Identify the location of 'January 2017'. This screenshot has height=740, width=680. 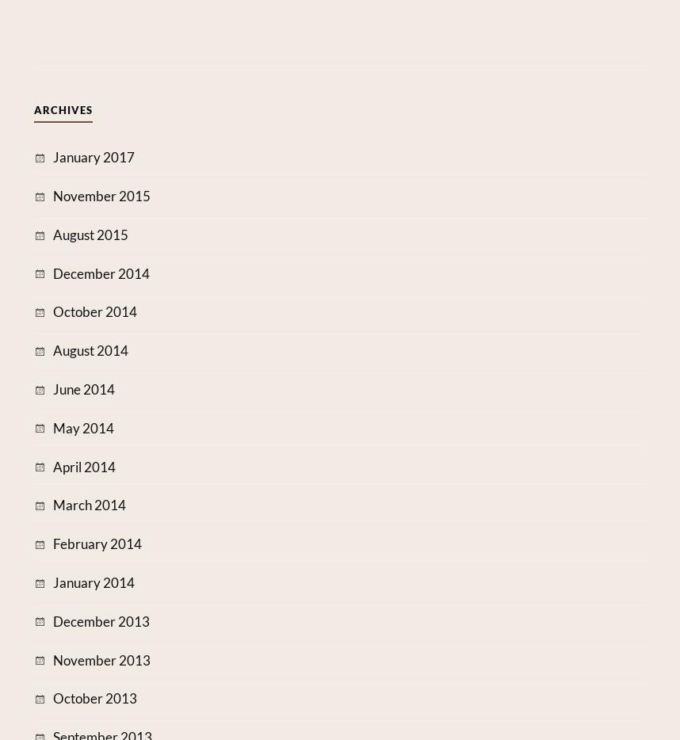
(51, 156).